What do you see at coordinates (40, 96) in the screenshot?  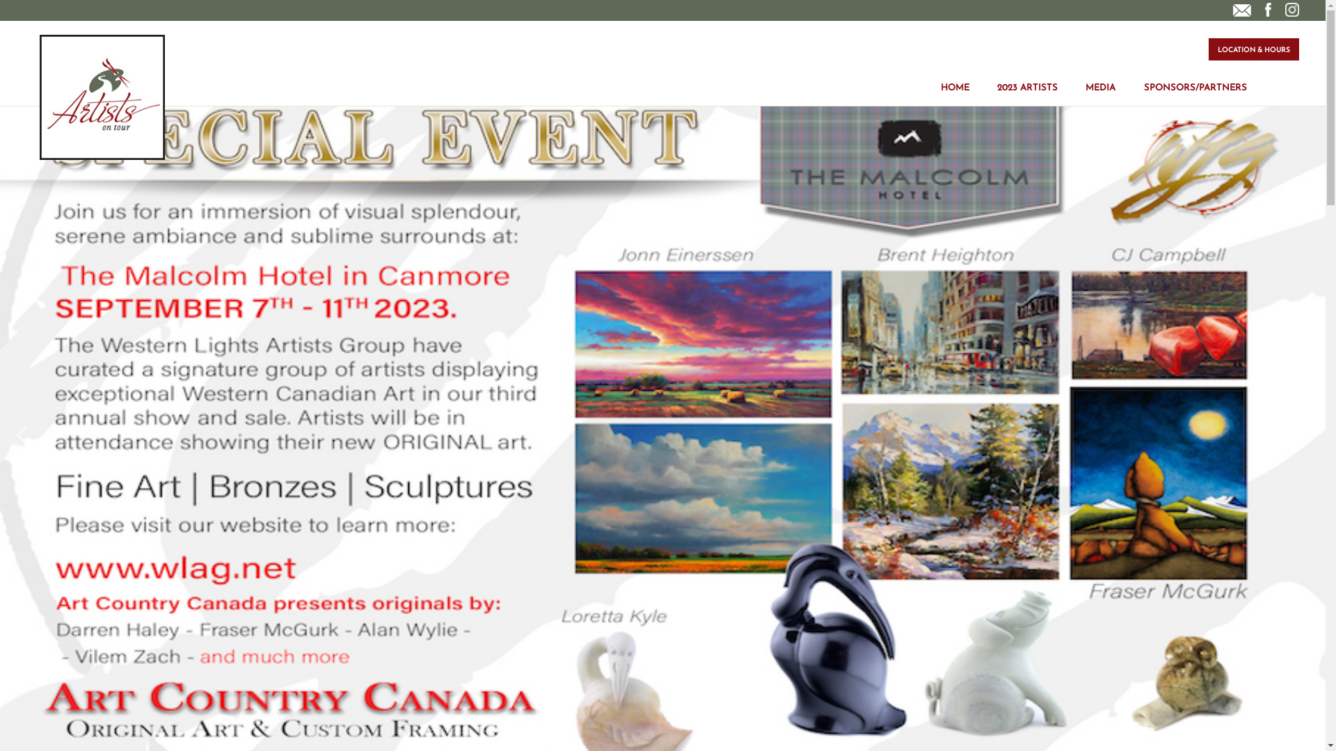 I see `'Artists On Tour'` at bounding box center [40, 96].